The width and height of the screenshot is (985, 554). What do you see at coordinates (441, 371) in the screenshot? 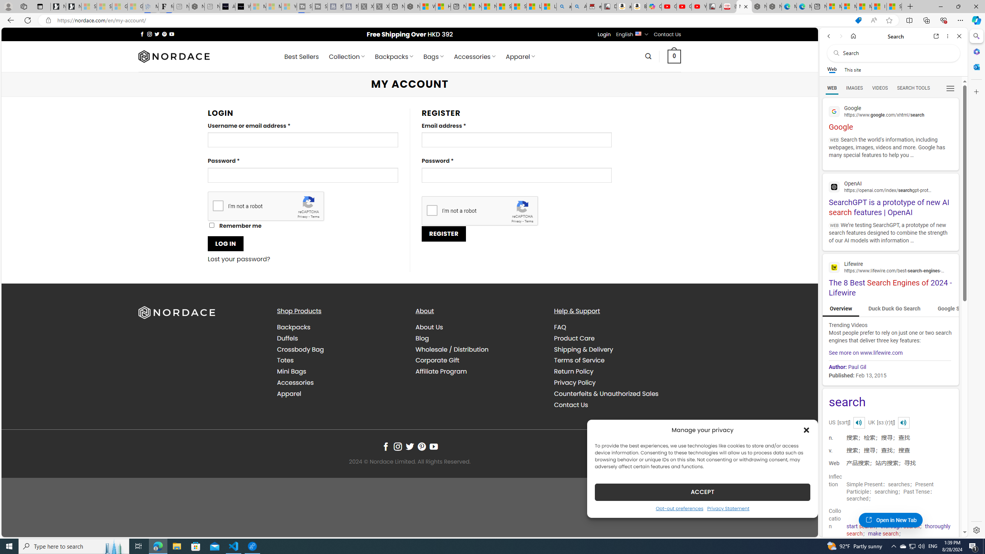
I see `'Affiliate Program'` at bounding box center [441, 371].